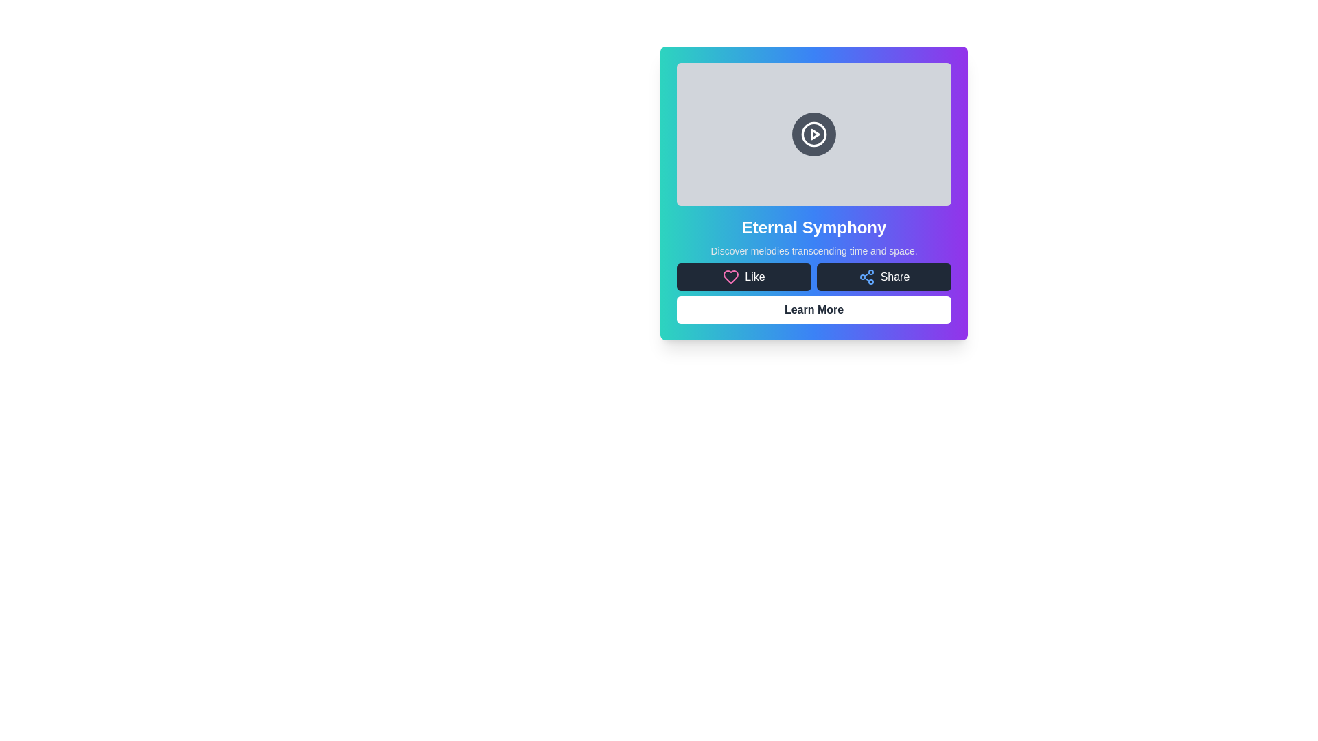 The height and width of the screenshot is (741, 1318). Describe the element at coordinates (730, 277) in the screenshot. I see `the heart-shaped icon outlined in pink, located within the 'Like' button at the bottom-left corner of the 'Eternal Symphony' card` at that location.